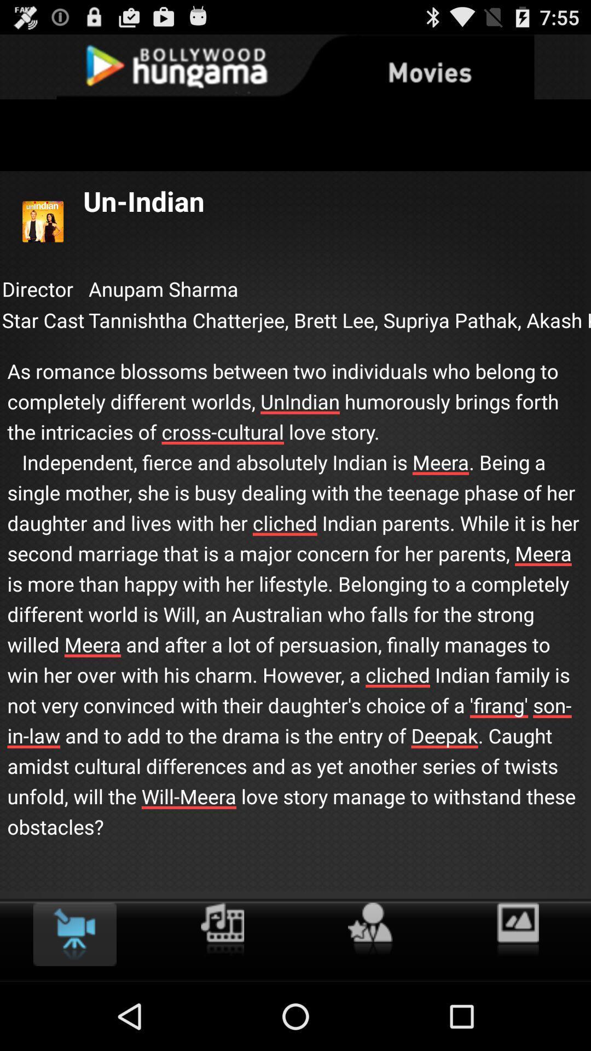 This screenshot has width=591, height=1051. I want to click on the item below as romance blossoms, so click(222, 929).